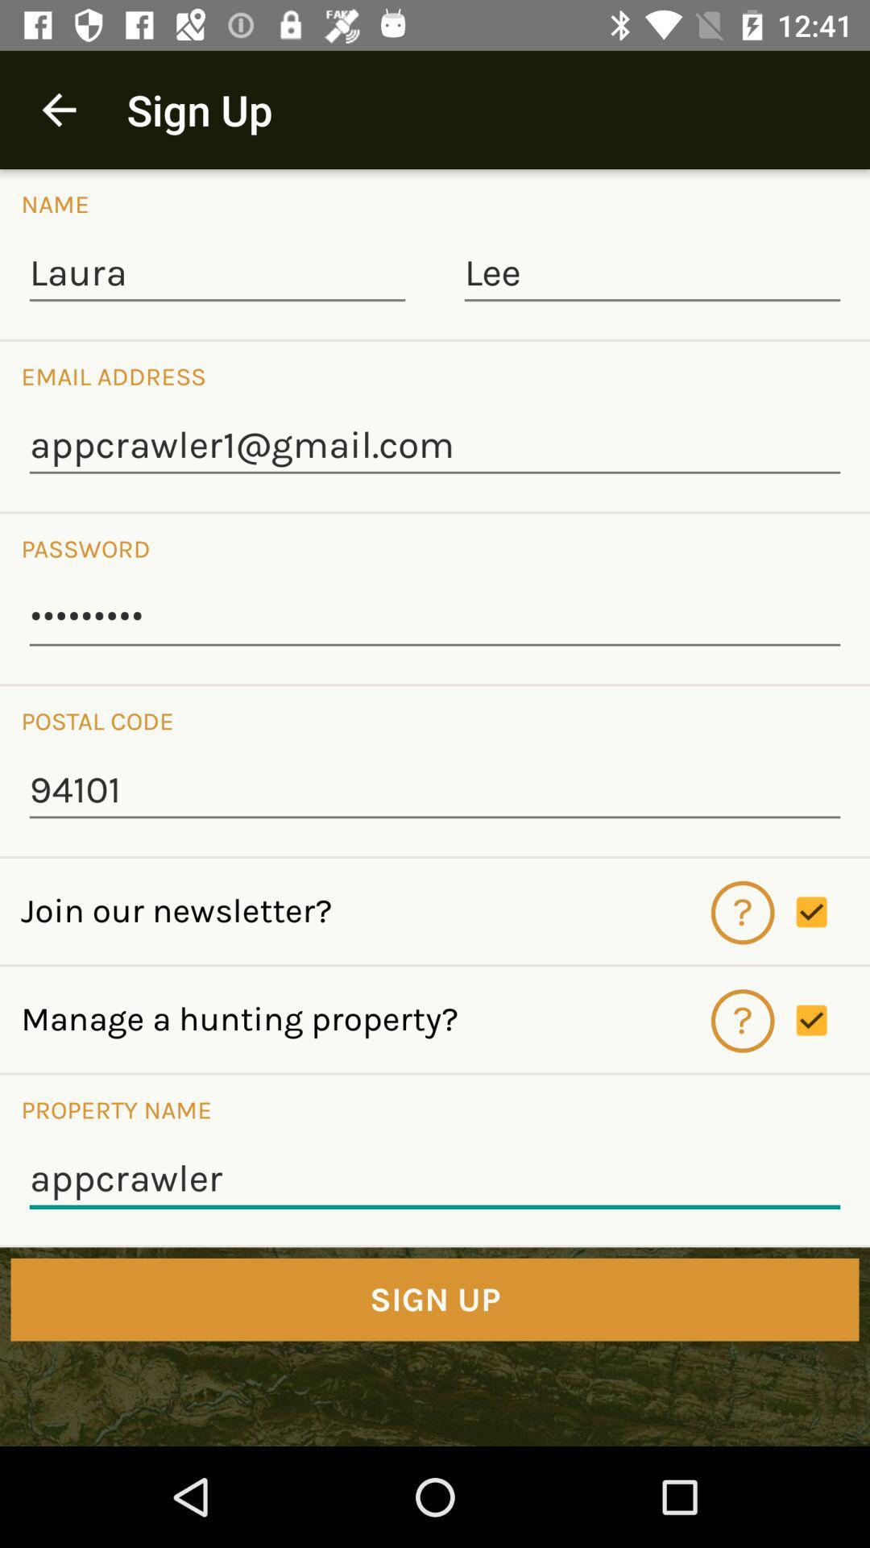 The width and height of the screenshot is (870, 1548). What do you see at coordinates (832, 912) in the screenshot?
I see `check whether to join newsletter` at bounding box center [832, 912].